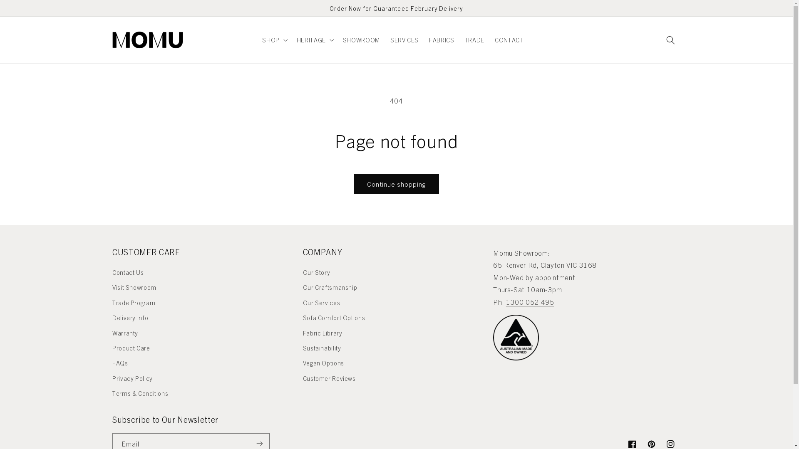 This screenshot has height=449, width=799. Describe the element at coordinates (424, 40) in the screenshot. I see `'FABRICS'` at that location.